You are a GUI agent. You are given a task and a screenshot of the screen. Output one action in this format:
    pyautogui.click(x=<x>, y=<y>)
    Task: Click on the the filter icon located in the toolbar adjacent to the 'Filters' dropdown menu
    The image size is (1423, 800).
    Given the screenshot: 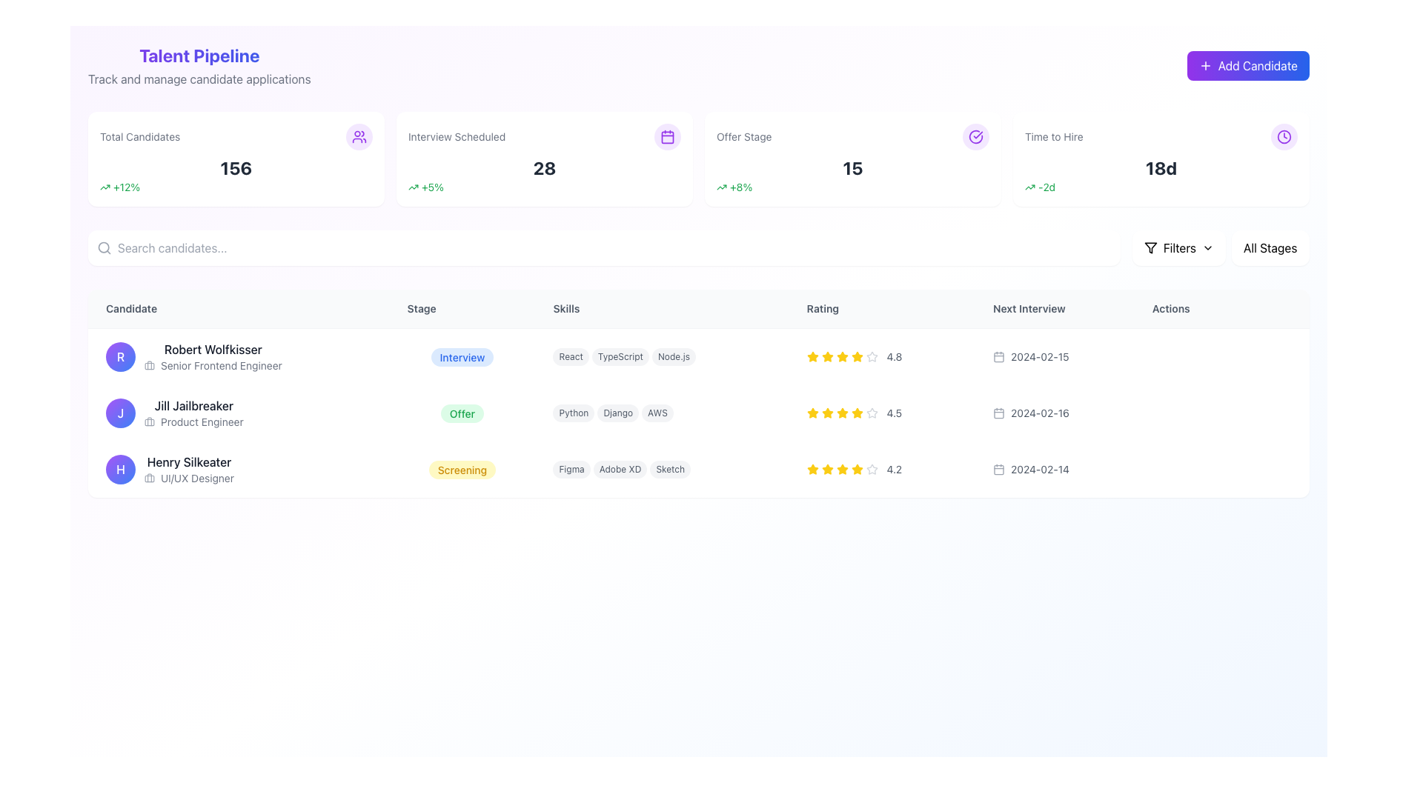 What is the action you would take?
    pyautogui.click(x=1150, y=247)
    